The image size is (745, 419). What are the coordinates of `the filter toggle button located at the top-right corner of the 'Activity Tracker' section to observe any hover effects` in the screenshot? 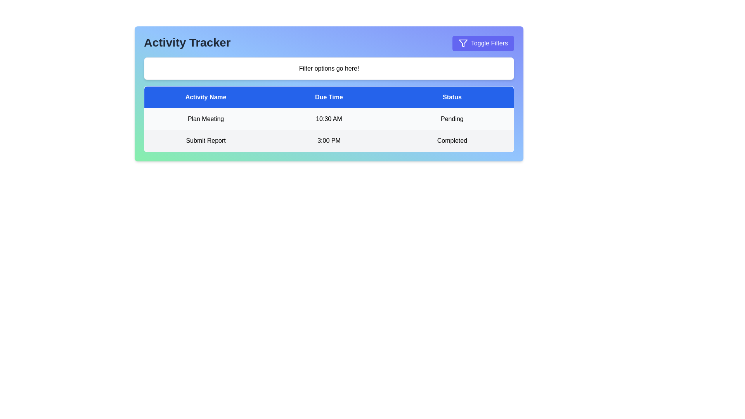 It's located at (483, 43).